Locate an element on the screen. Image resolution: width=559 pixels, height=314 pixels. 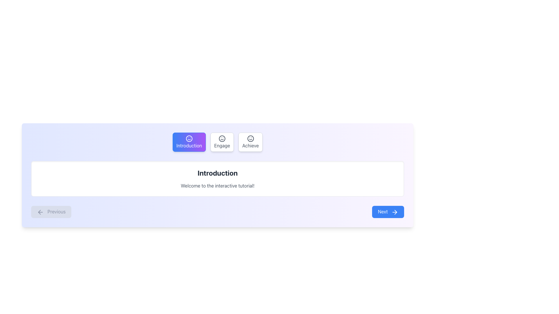
the right-pointing arrow icon within the 'Next' button located at the bottom right of the interface is located at coordinates (396, 212).